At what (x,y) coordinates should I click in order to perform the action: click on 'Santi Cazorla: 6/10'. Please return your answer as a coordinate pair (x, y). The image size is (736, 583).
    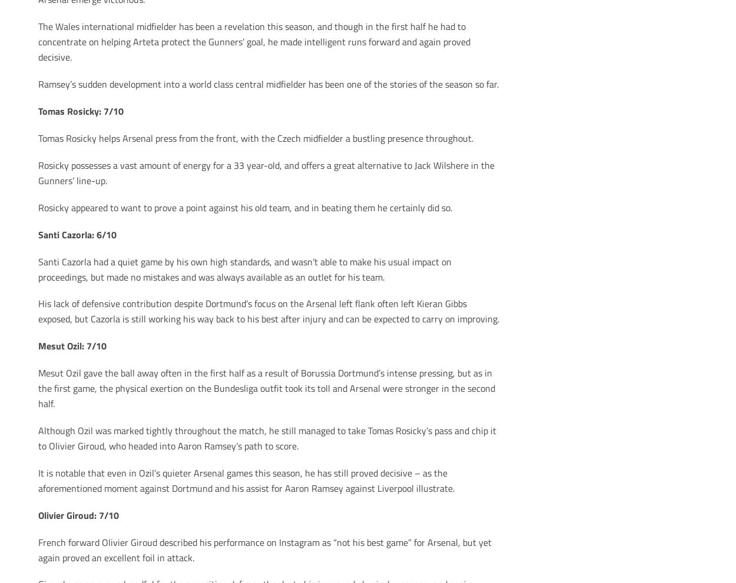
    Looking at the image, I should click on (77, 233).